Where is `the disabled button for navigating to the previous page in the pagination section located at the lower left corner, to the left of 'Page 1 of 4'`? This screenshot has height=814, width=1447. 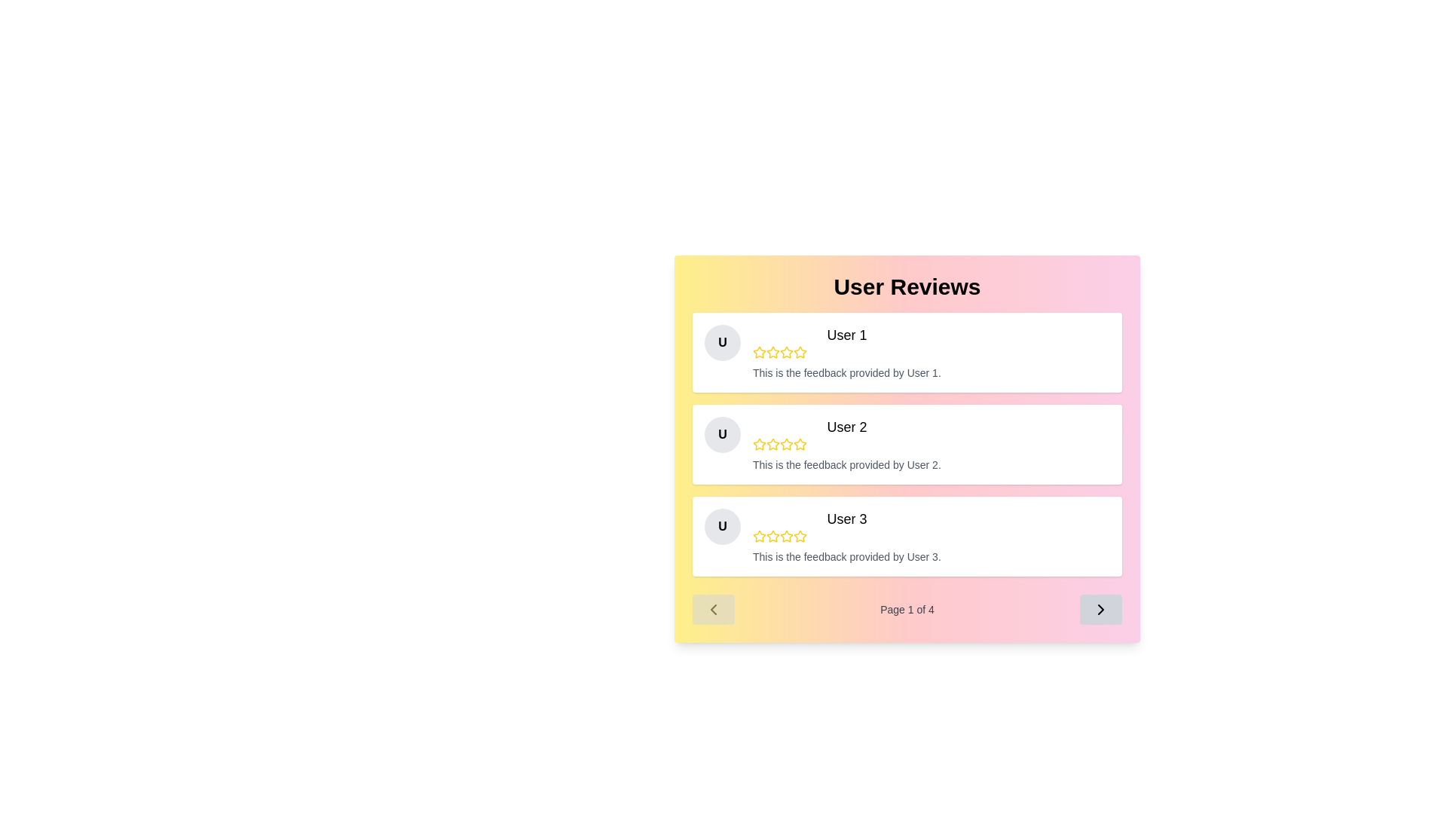
the disabled button for navigating to the previous page in the pagination section located at the lower left corner, to the left of 'Page 1 of 4' is located at coordinates (712, 609).